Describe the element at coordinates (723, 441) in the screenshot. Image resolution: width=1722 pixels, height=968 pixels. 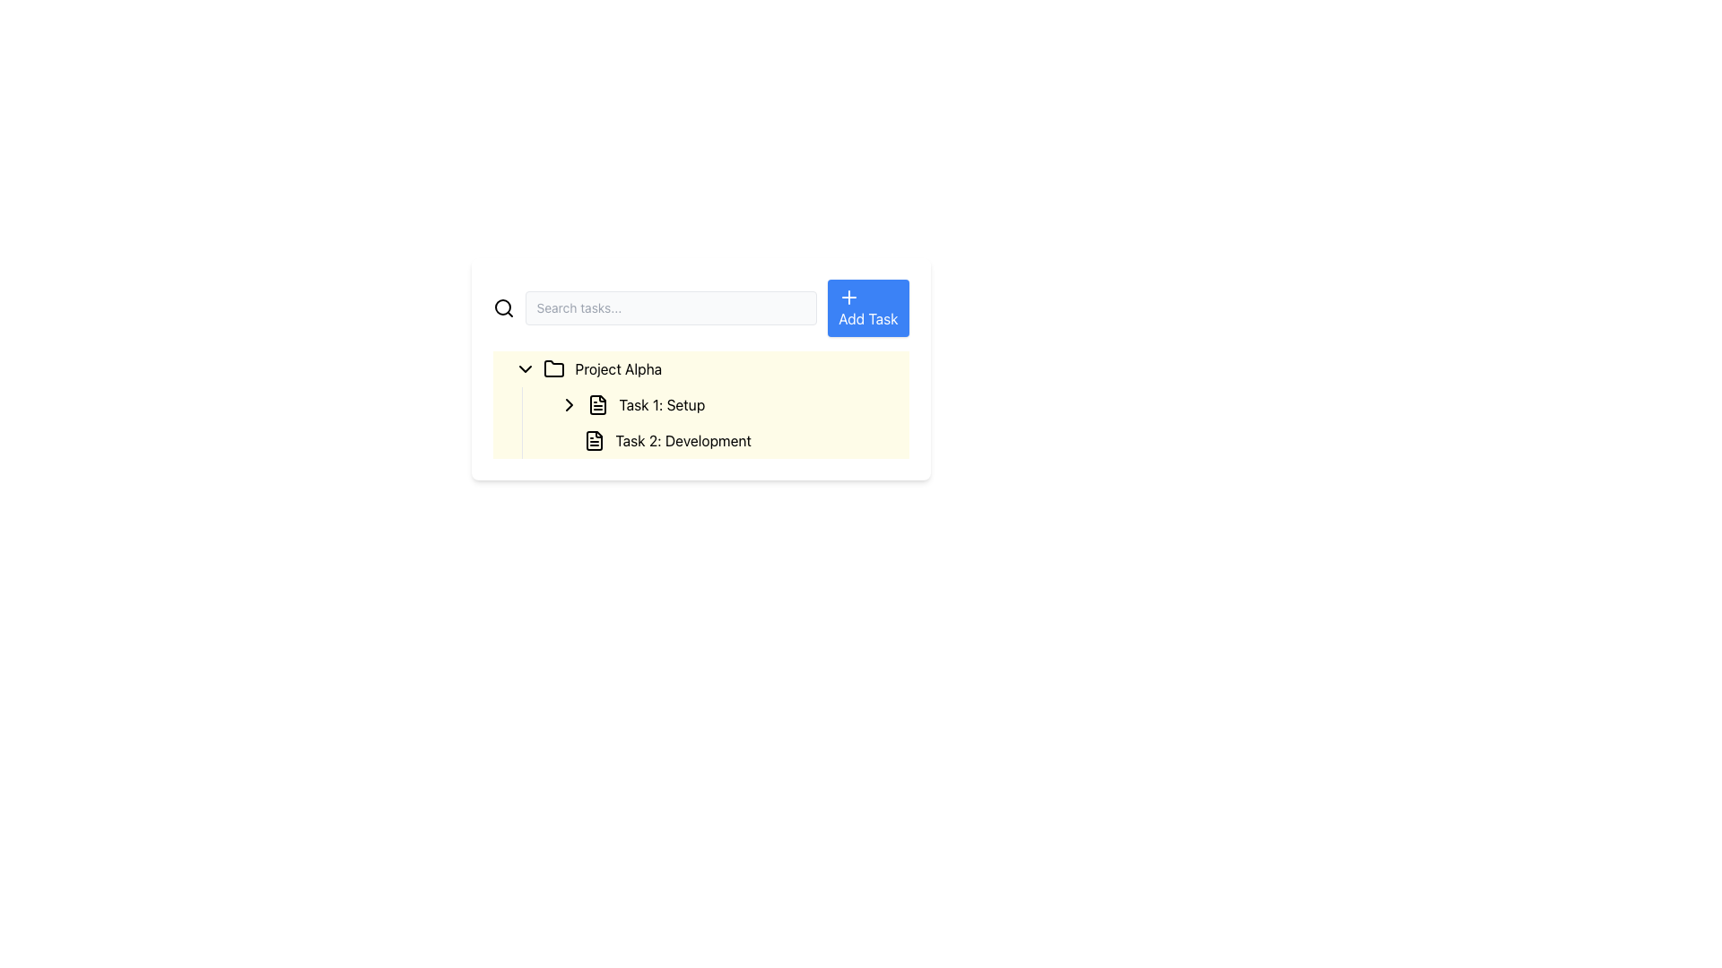
I see `the text label with the task name 'Task 2: Development' located in the task list section` at that location.